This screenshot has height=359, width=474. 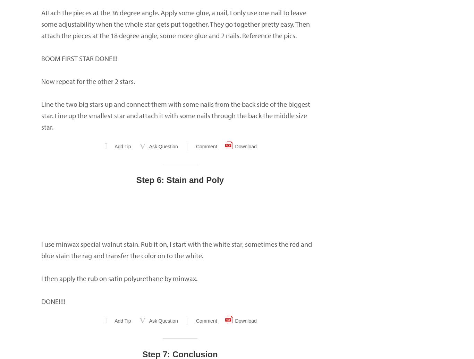 I want to click on 'Step 7: Conclusion', so click(x=180, y=354).